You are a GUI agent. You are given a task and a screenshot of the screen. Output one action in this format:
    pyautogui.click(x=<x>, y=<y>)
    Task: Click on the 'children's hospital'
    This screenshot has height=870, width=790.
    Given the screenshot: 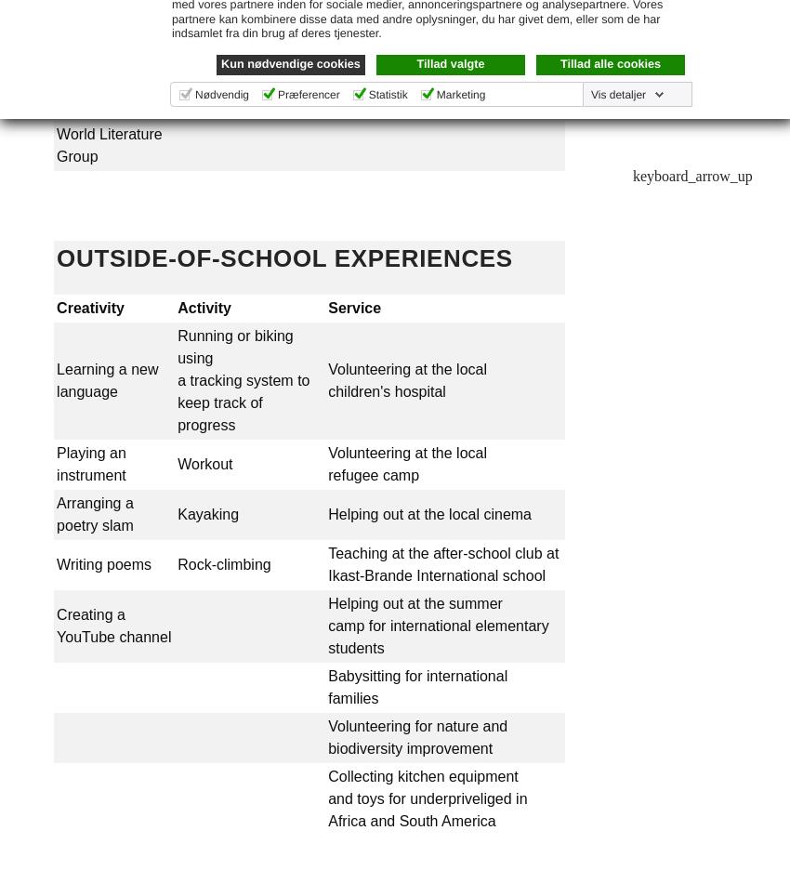 What is the action you would take?
    pyautogui.click(x=387, y=390)
    